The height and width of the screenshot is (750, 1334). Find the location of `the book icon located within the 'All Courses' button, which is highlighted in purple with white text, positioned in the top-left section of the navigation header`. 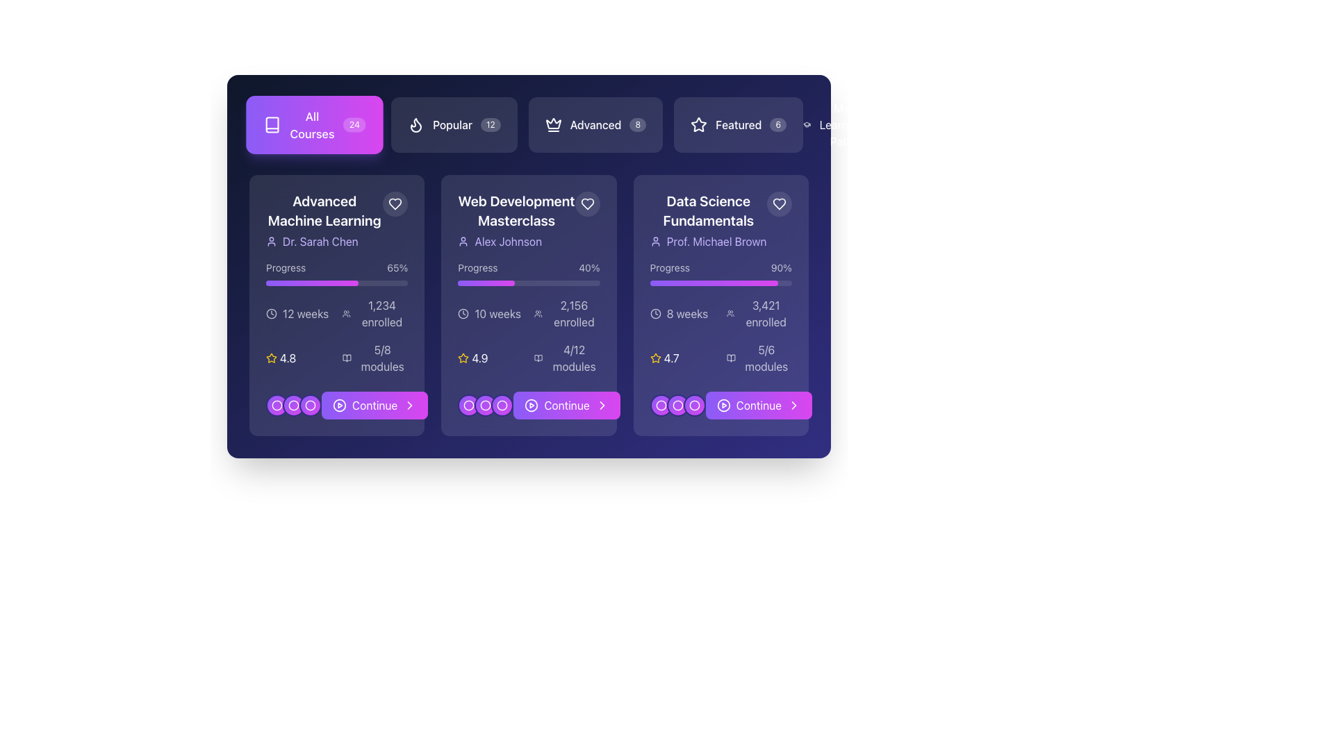

the book icon located within the 'All Courses' button, which is highlighted in purple with white text, positioned in the top-left section of the navigation header is located at coordinates (272, 125).